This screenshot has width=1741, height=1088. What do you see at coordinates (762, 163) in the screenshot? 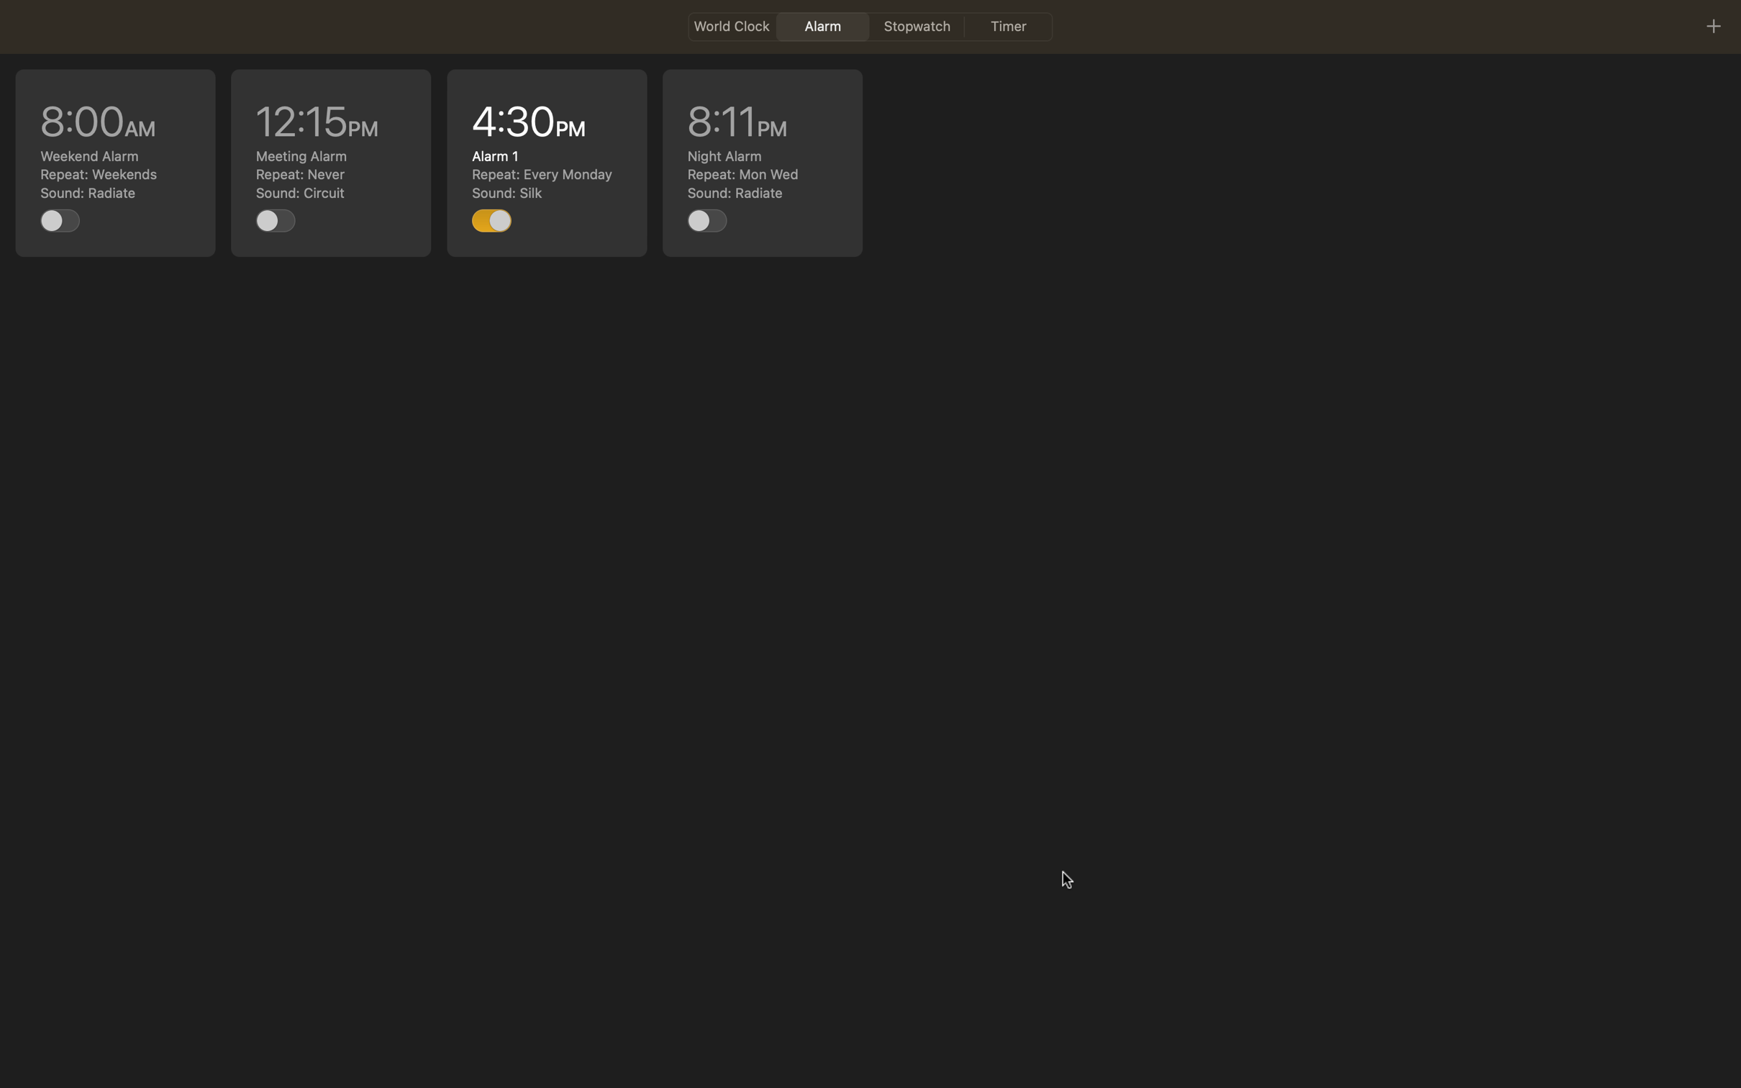
I see `Change the specifications of the 8pm alarm` at bounding box center [762, 163].